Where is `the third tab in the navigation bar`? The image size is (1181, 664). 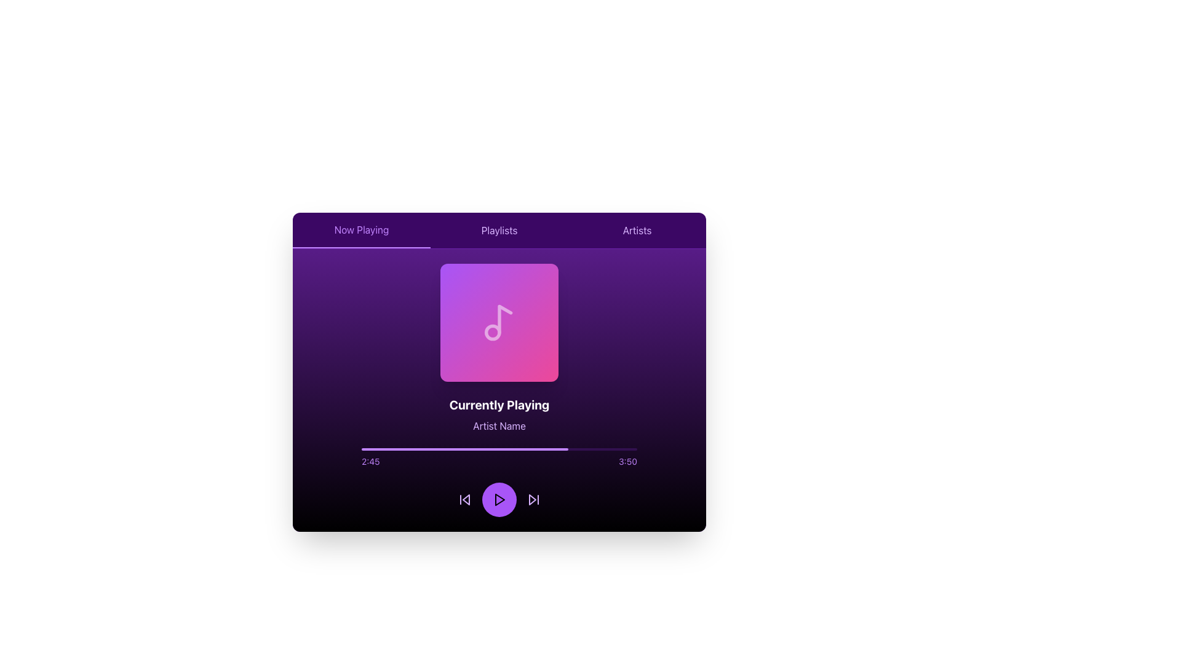
the third tab in the navigation bar is located at coordinates (637, 230).